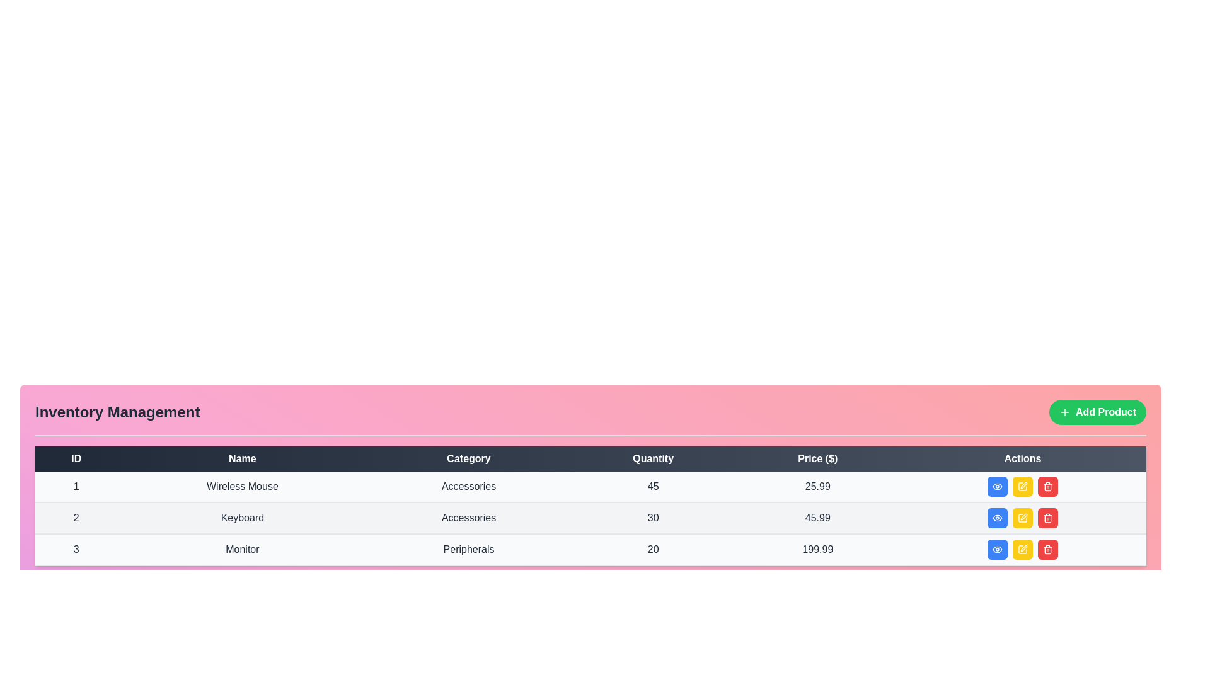  What do you see at coordinates (1023, 548) in the screenshot?
I see `the edit button with a yellow background and white text, which is the middle button in the group of three action buttons located under the 'Actions' column in the third row of the table` at bounding box center [1023, 548].